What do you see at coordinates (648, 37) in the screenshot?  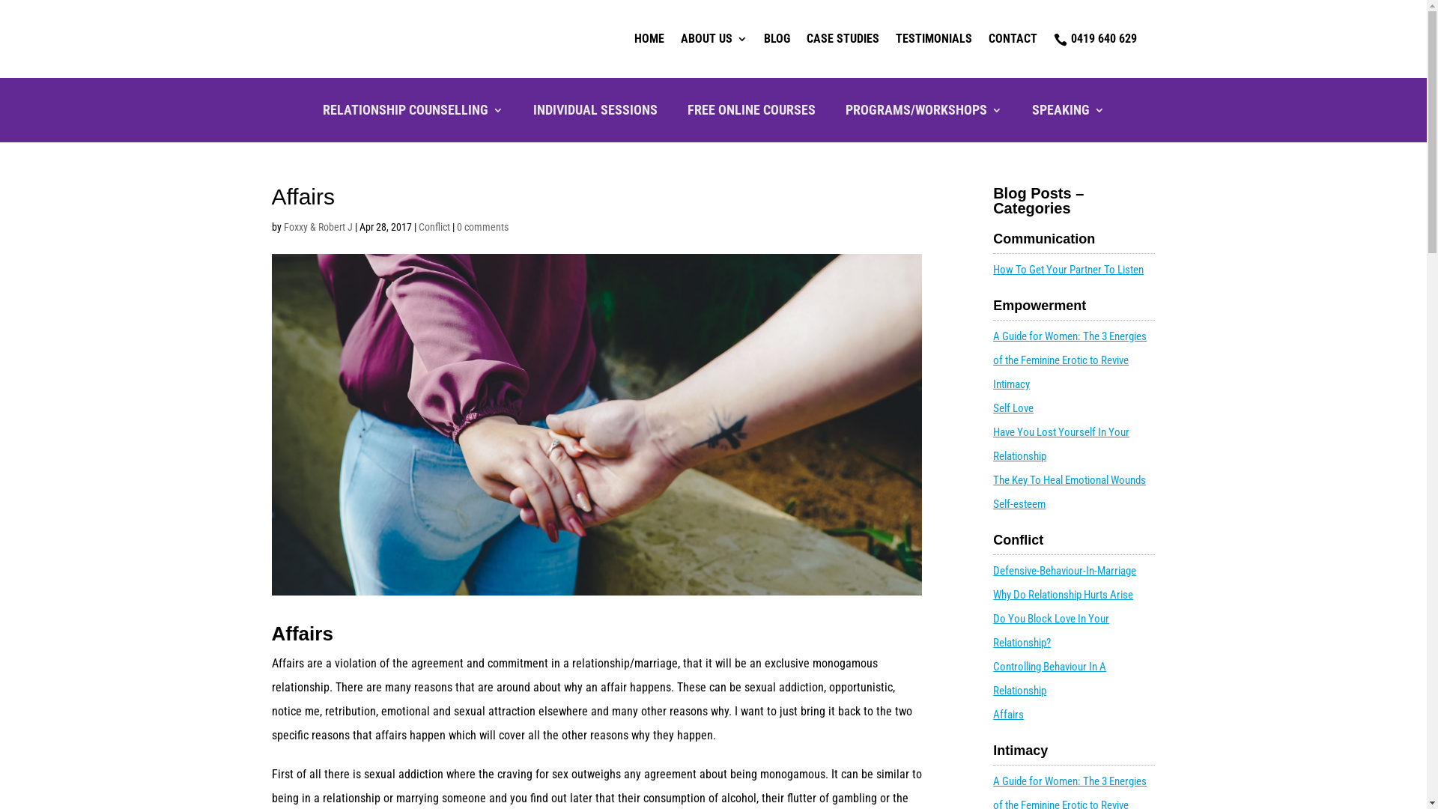 I see `'HOME'` at bounding box center [648, 37].